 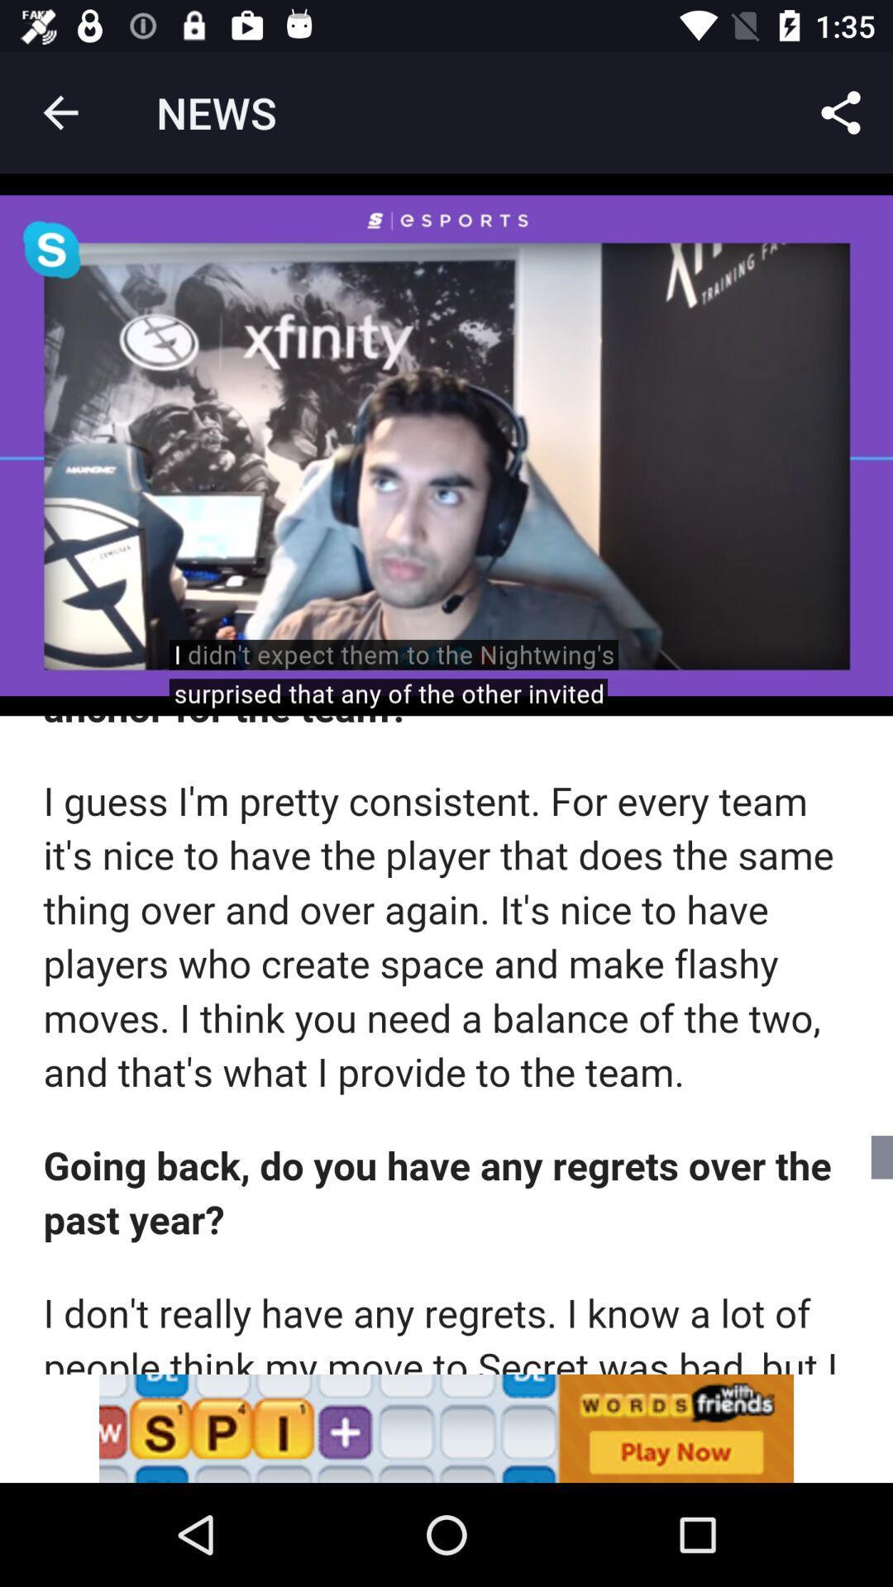 What do you see at coordinates (446, 1427) in the screenshot?
I see `advertisement banner` at bounding box center [446, 1427].